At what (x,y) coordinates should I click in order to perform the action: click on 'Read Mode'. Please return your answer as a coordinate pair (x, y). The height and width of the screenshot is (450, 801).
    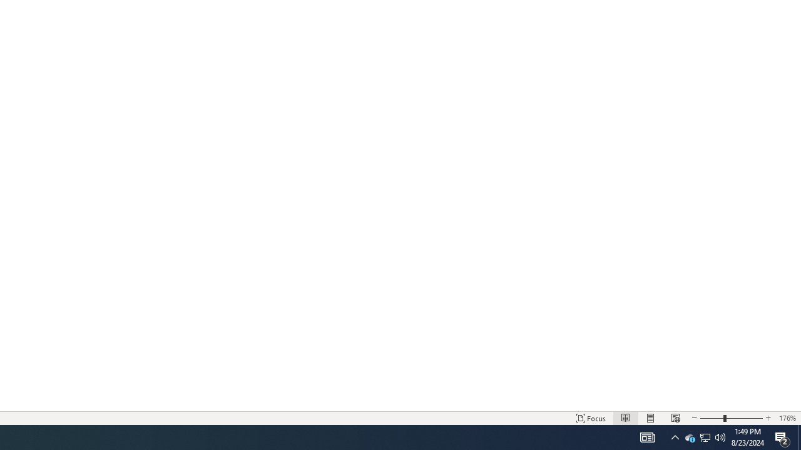
    Looking at the image, I should click on (626, 418).